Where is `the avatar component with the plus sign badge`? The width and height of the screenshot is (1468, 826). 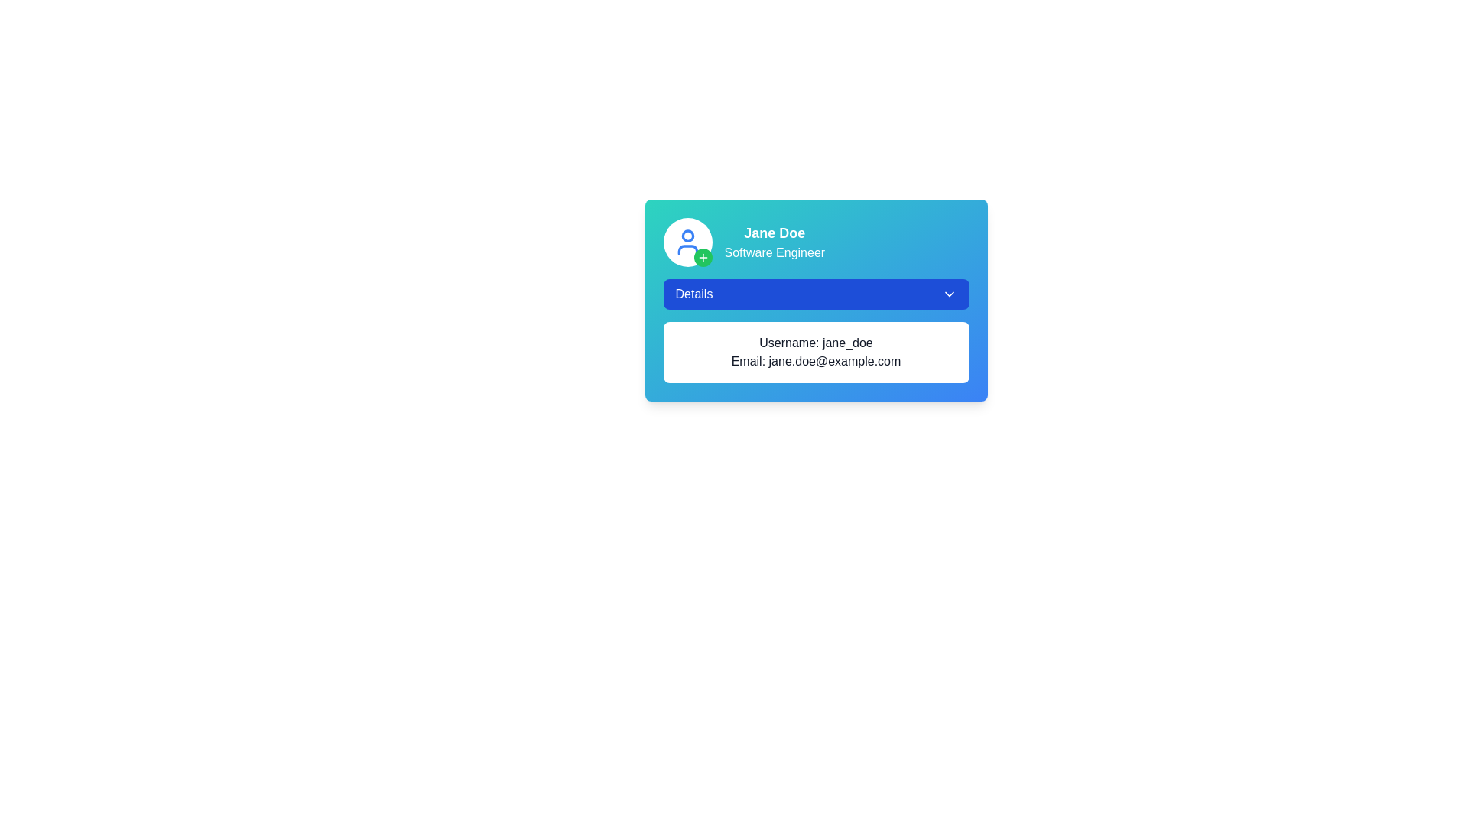
the avatar component with the plus sign badge is located at coordinates (687, 241).